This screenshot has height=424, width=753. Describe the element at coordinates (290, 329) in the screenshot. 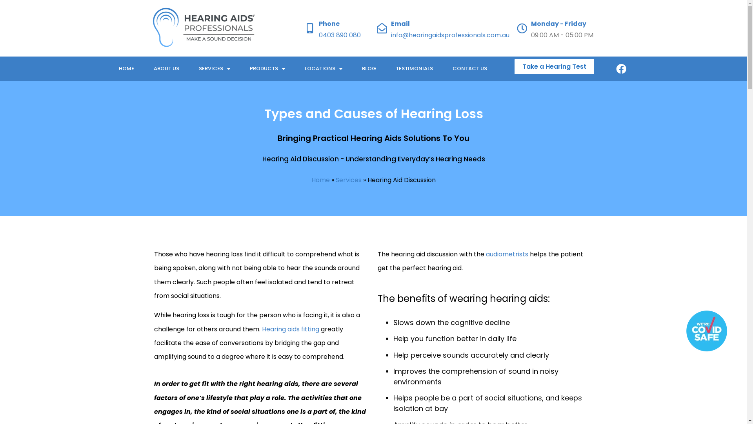

I see `'Hearing aids fitting'` at that location.